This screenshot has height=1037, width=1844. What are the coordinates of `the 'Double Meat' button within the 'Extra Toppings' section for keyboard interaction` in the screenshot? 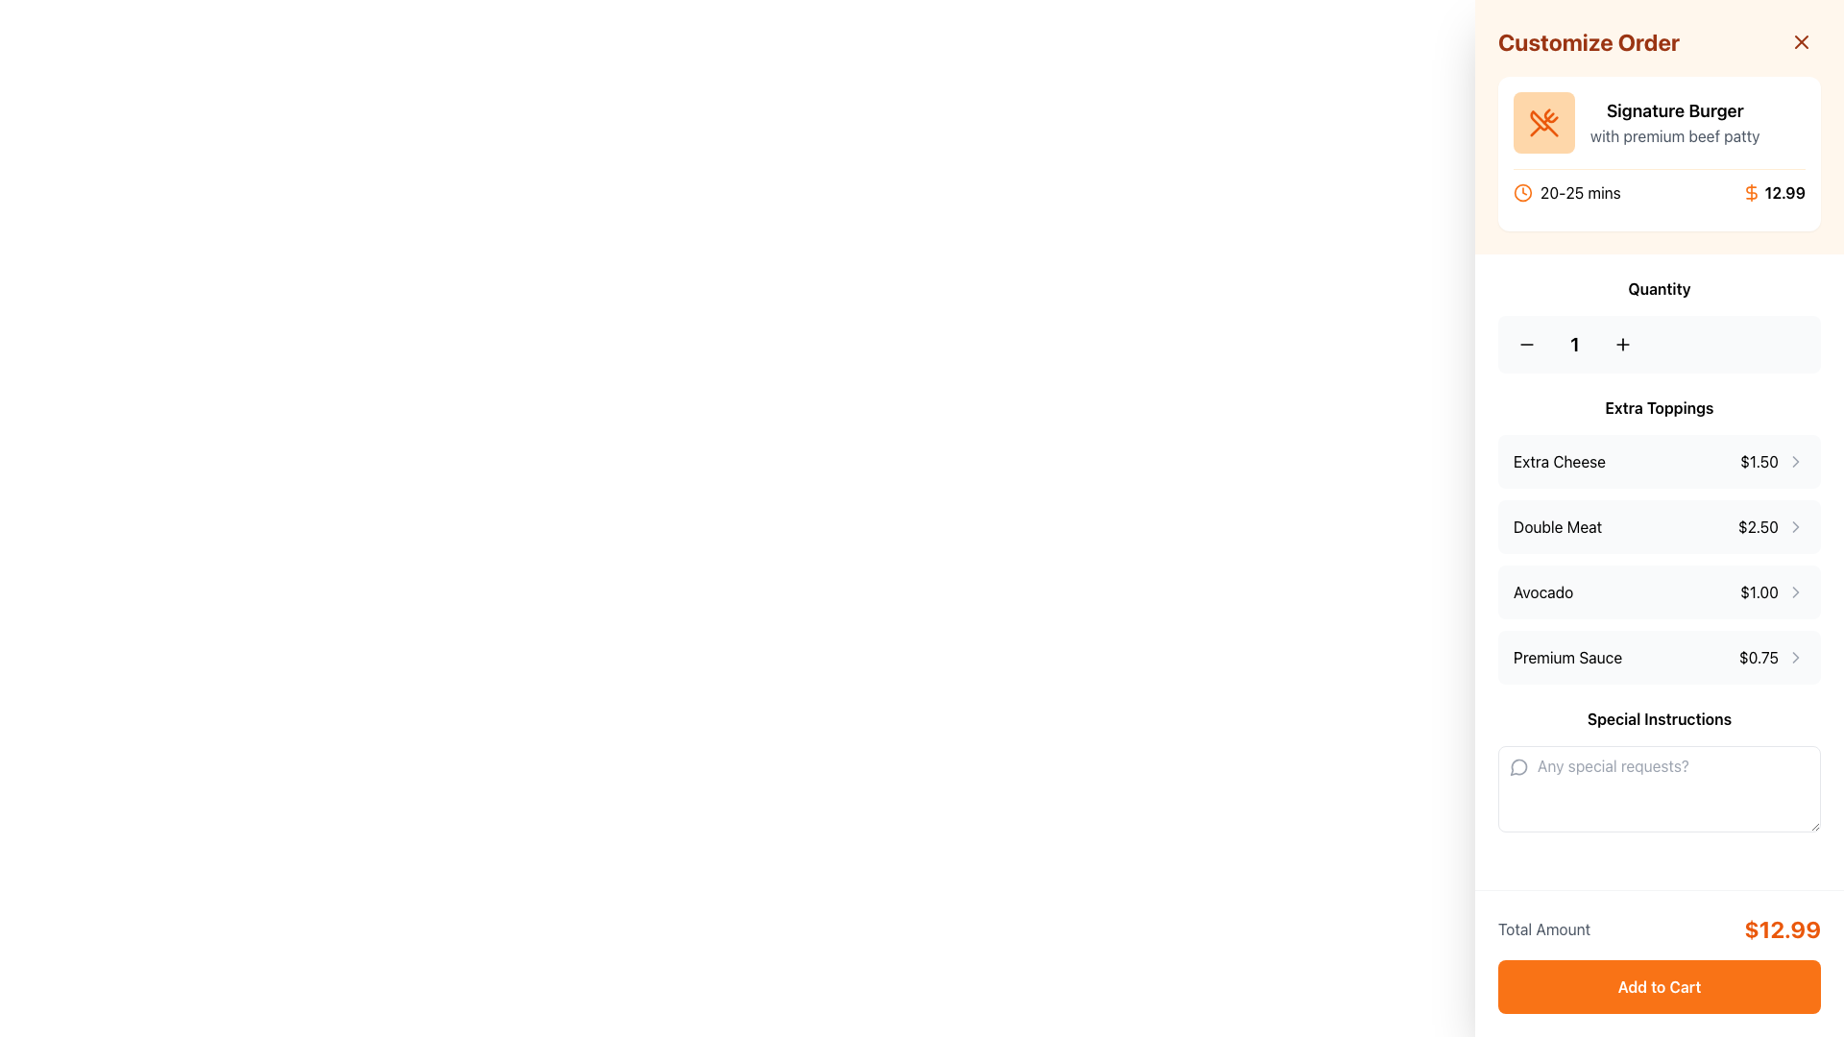 It's located at (1659, 526).